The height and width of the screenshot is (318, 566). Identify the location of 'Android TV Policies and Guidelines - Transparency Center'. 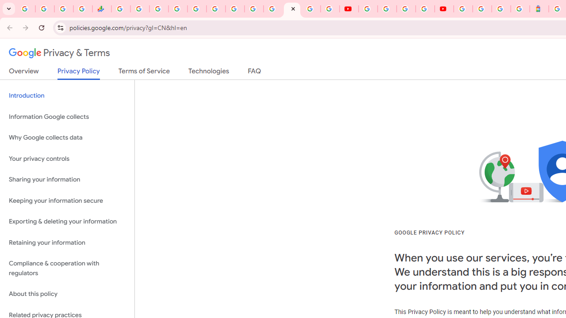
(235, 9).